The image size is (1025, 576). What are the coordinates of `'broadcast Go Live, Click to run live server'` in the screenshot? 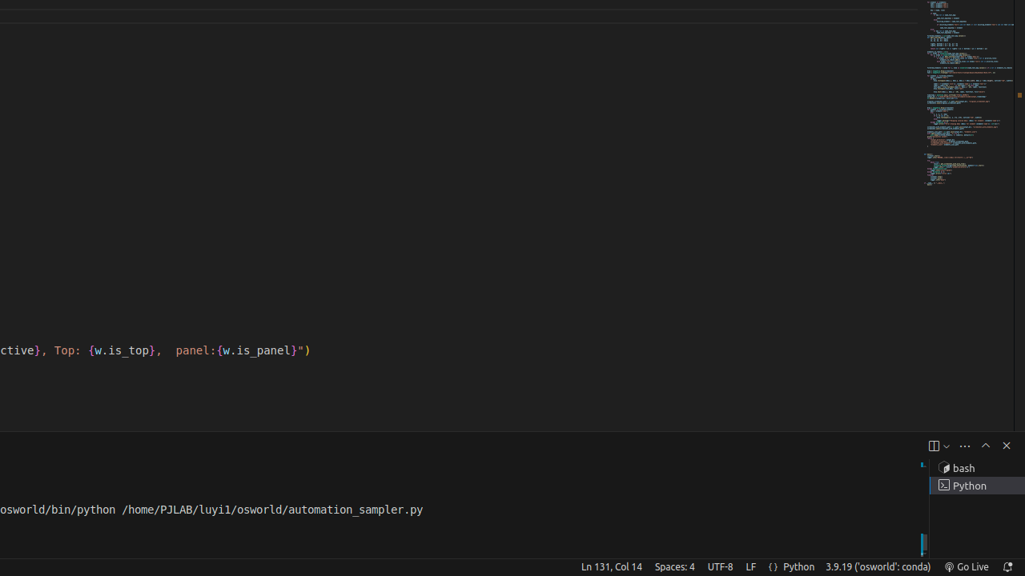 It's located at (965, 566).